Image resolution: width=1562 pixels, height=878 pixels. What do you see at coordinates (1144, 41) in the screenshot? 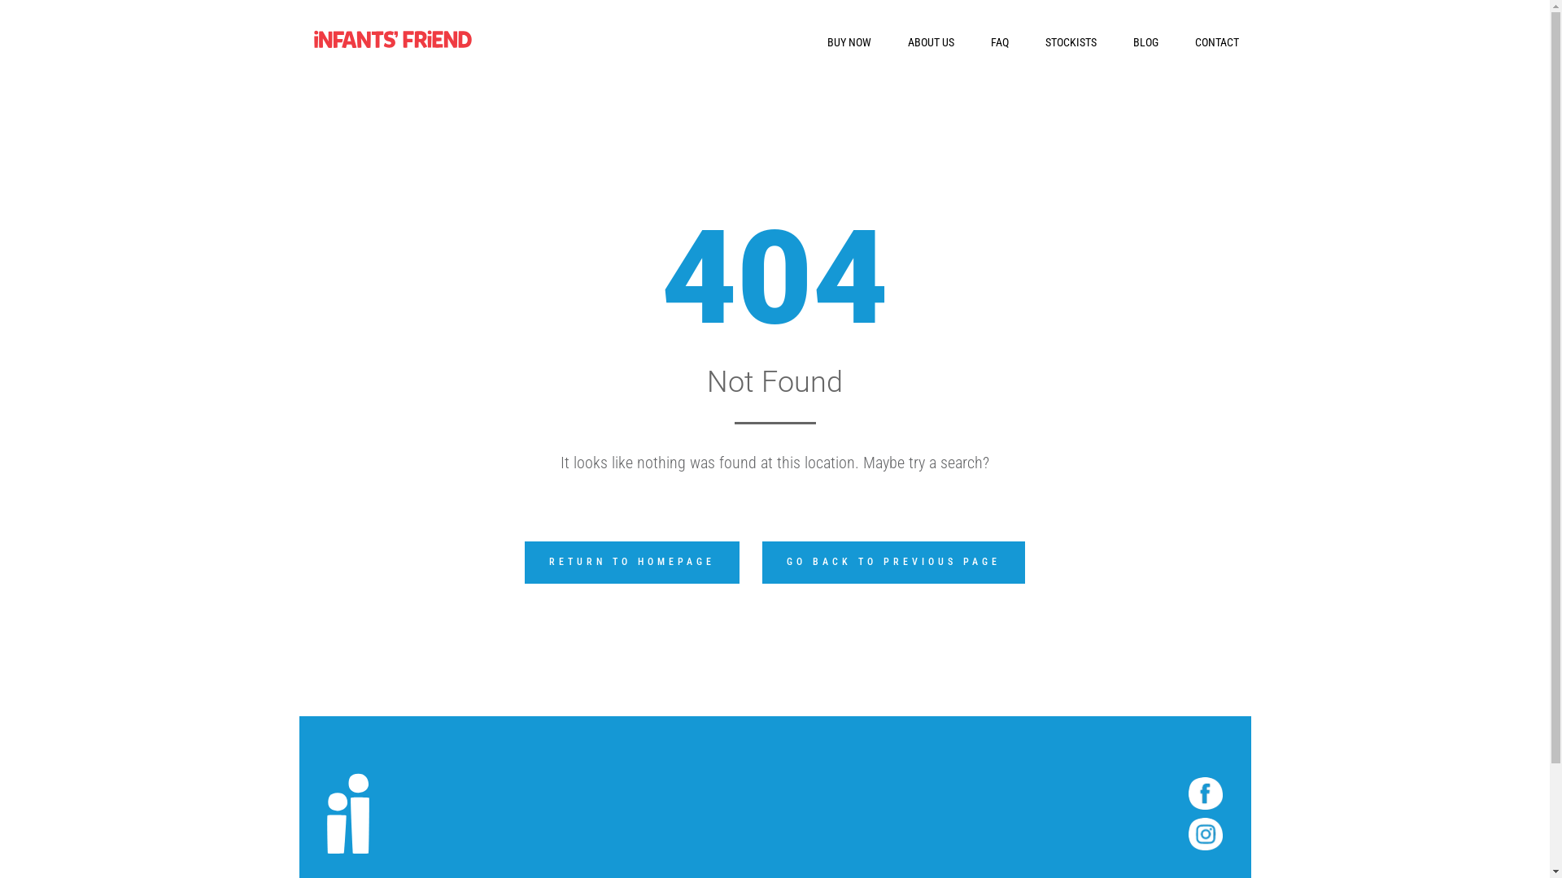
I see `'BLOG'` at bounding box center [1144, 41].